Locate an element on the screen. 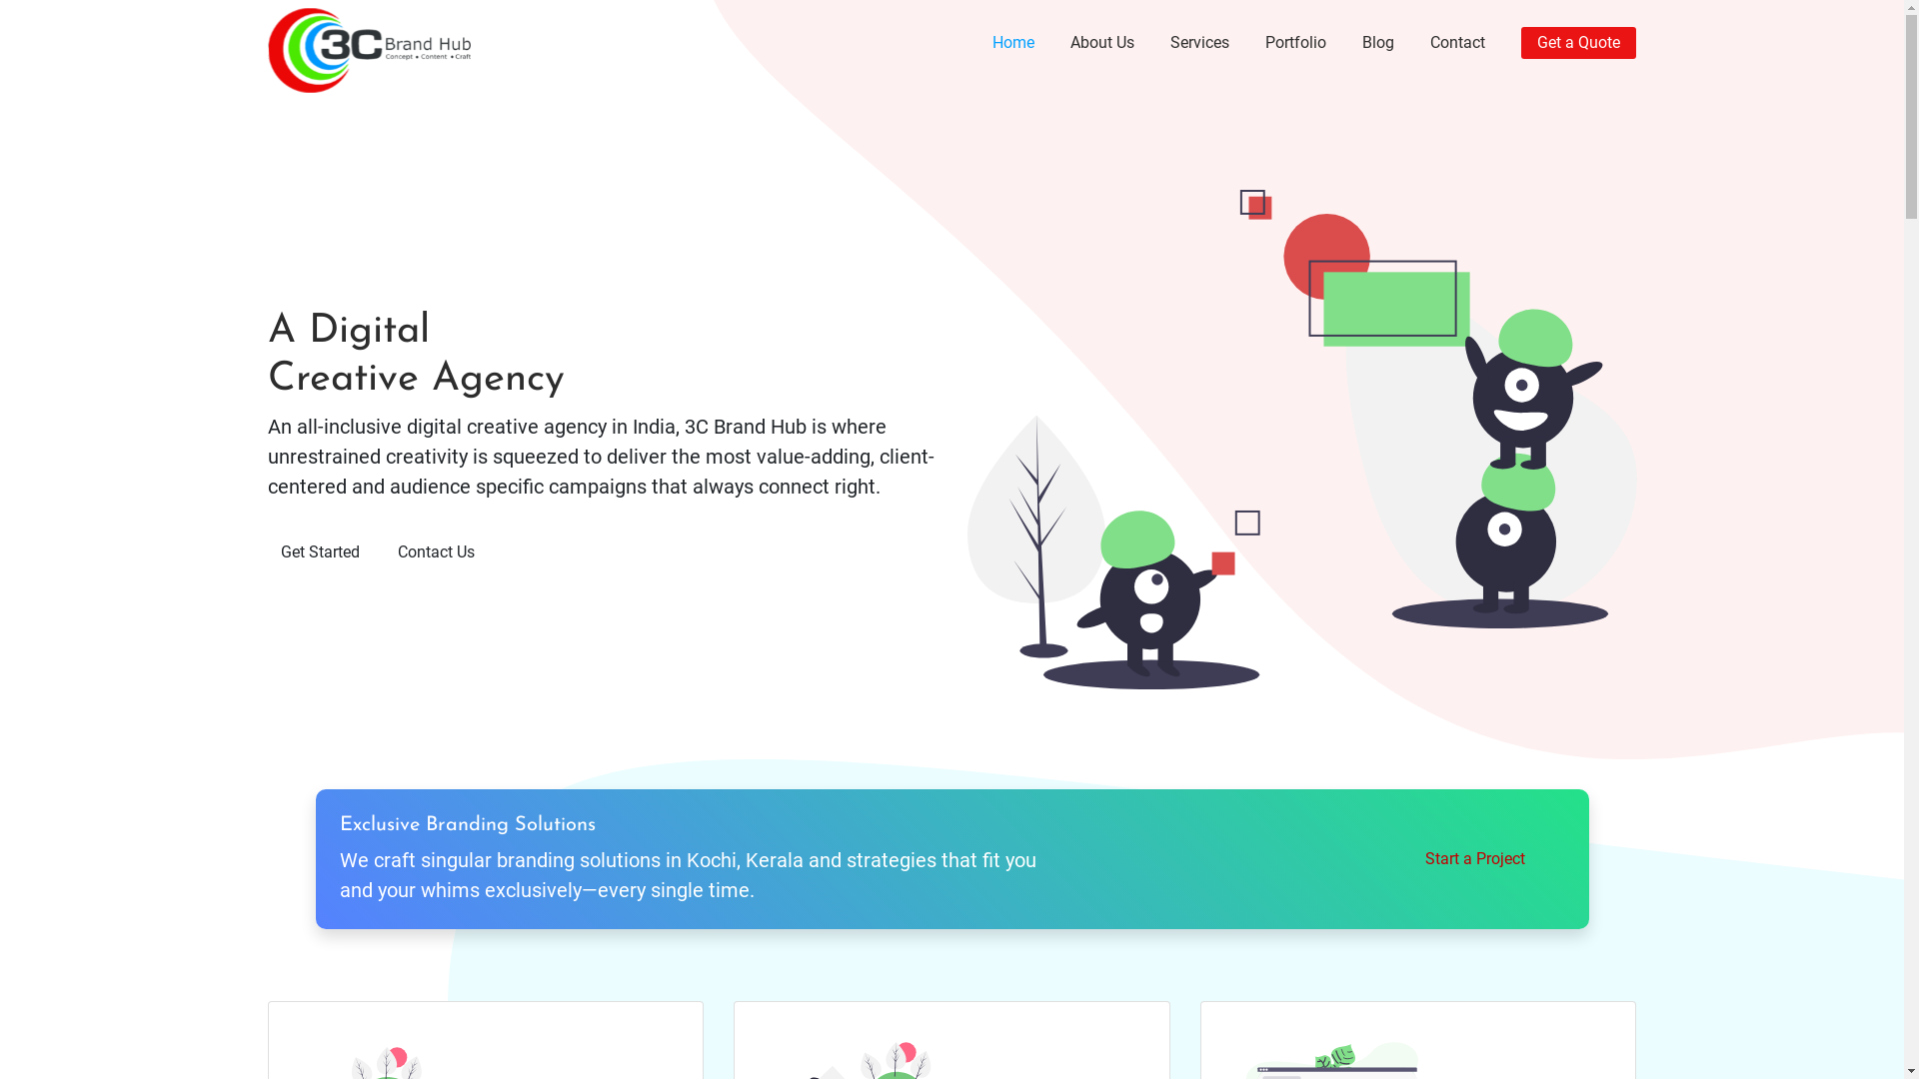 The image size is (1919, 1079). 'Get a Quote' is located at coordinates (1519, 42).